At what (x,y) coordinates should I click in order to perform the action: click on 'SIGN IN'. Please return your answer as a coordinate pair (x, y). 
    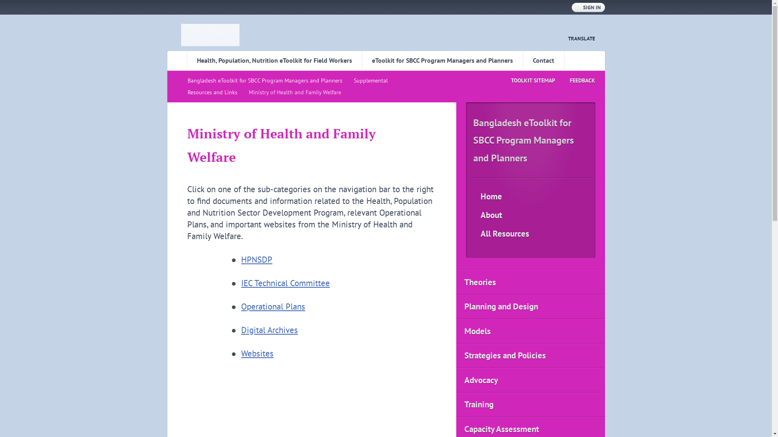
    Looking at the image, I should click on (588, 7).